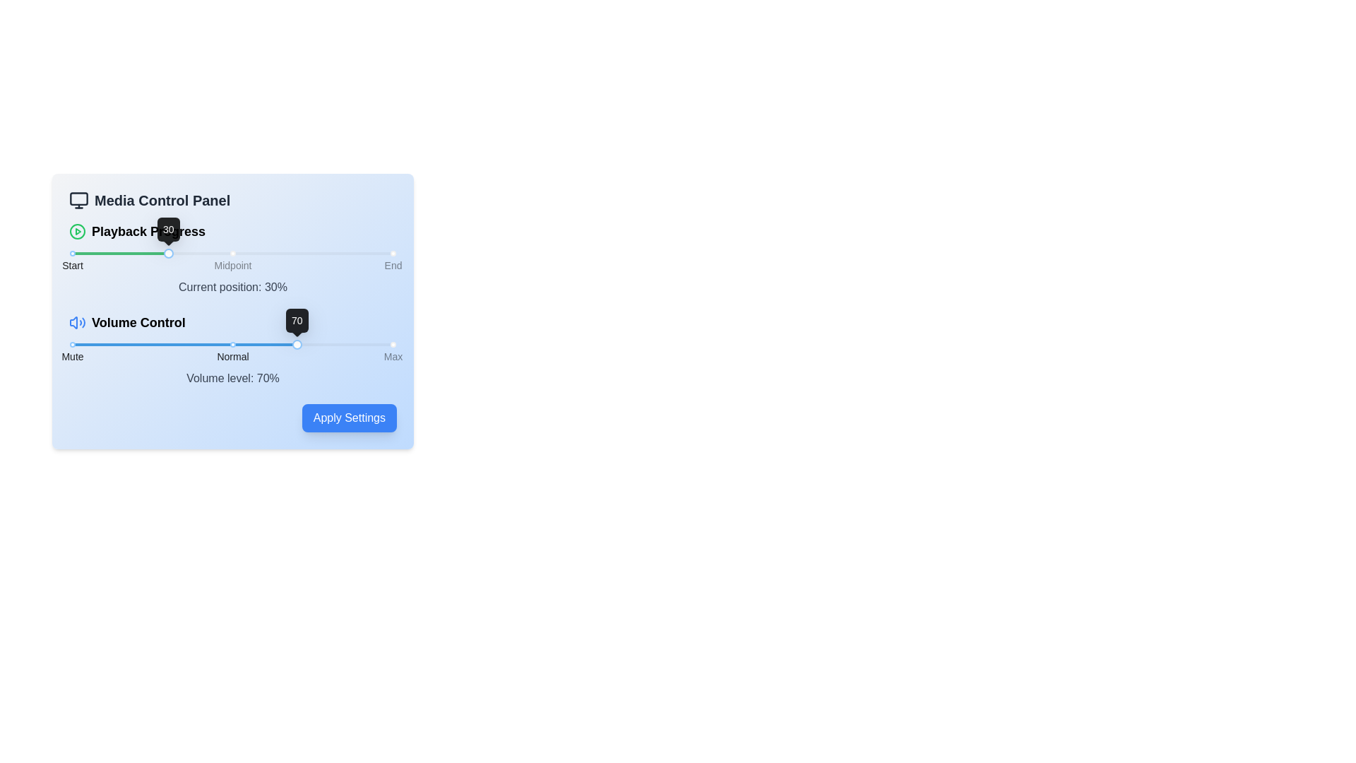 Image resolution: width=1356 pixels, height=763 pixels. I want to click on text label displaying 'Current position: 30%' which is centered below the 'Playback Progress' slider and above the 'Volume Control' text, so click(233, 287).